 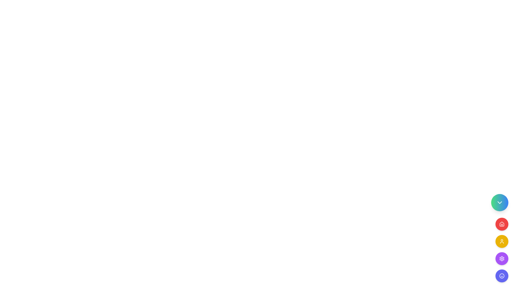 What do you see at coordinates (501, 224) in the screenshot?
I see `the geometric house icon with a triangular roof and rectangular base, which is styled in bold red color` at bounding box center [501, 224].